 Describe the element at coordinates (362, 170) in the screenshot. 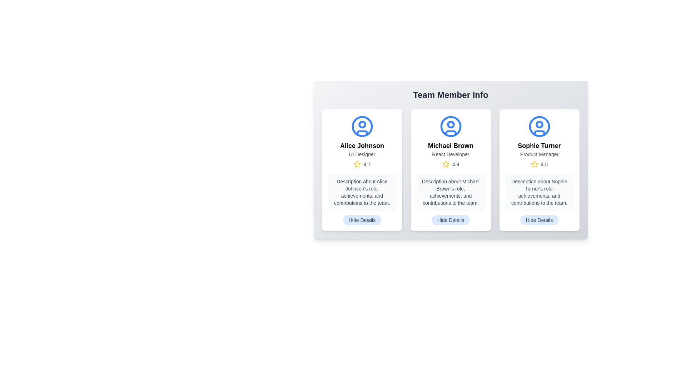

I see `the first card in the grid layout` at that location.